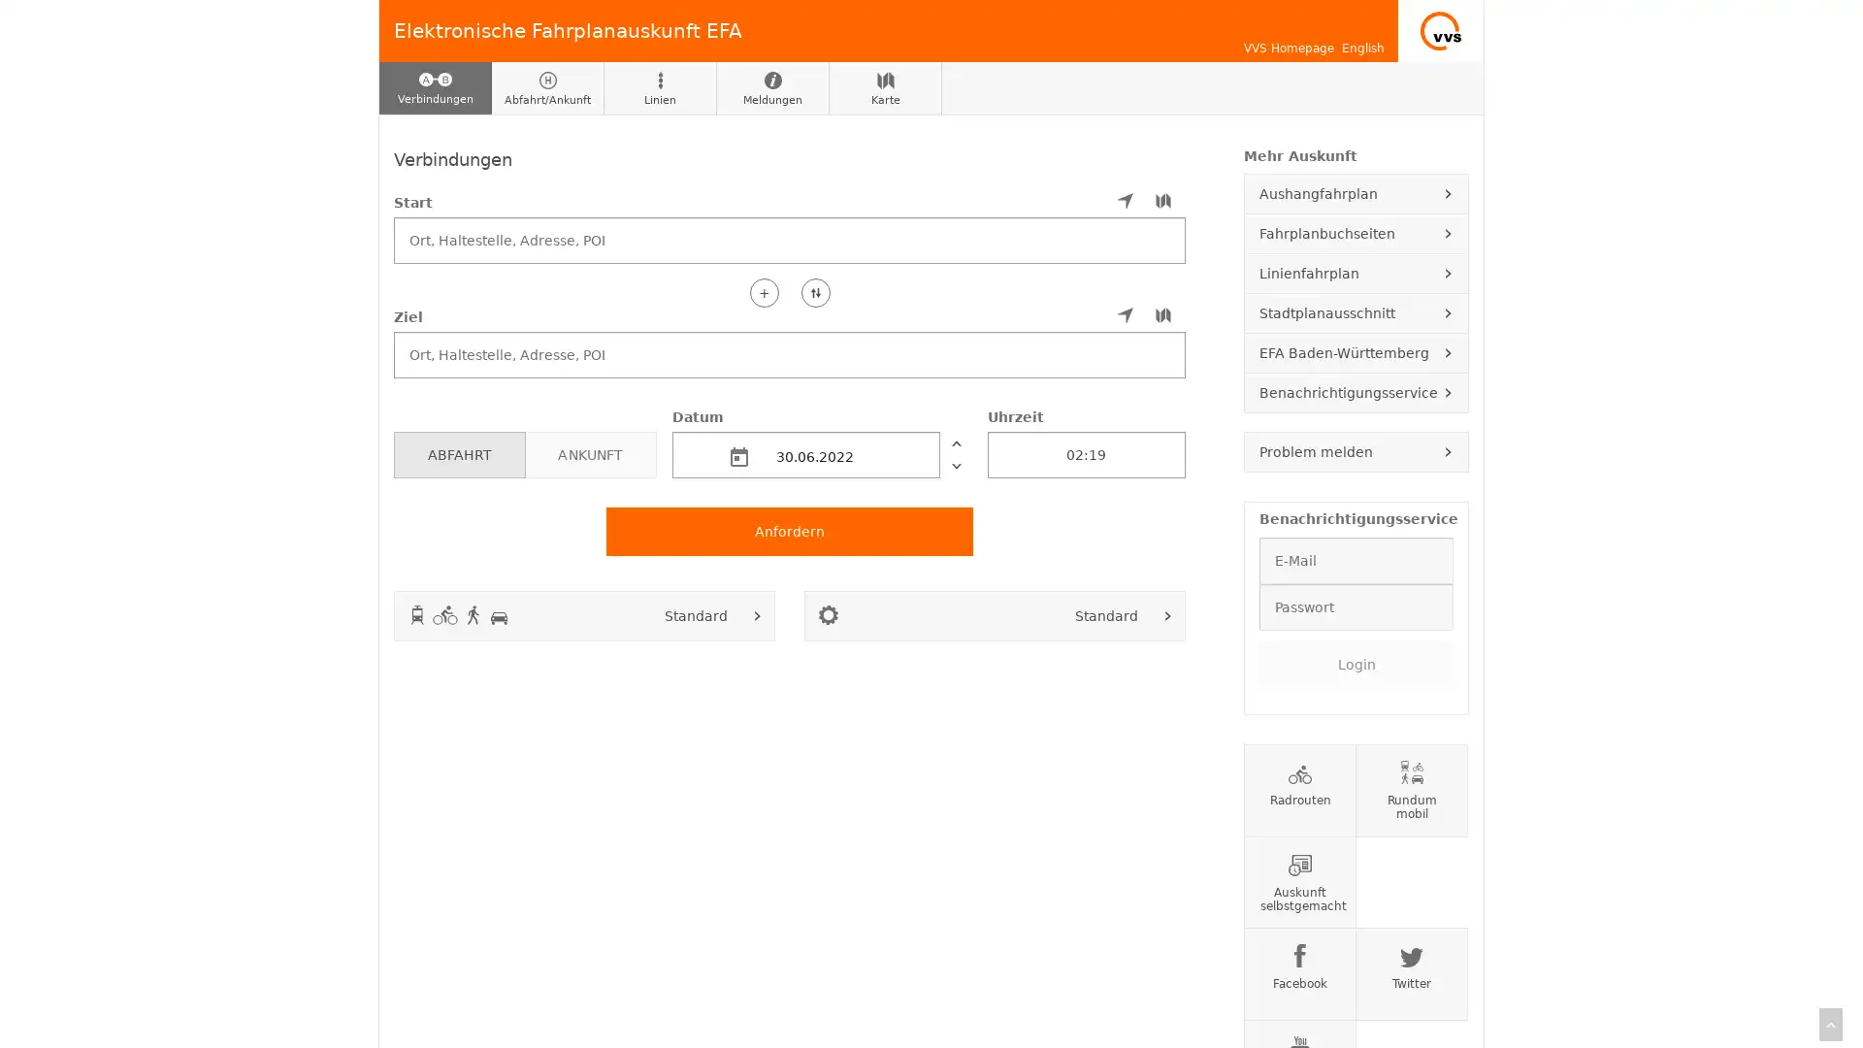 Image resolution: width=1863 pixels, height=1048 pixels. I want to click on ANKUNFT, so click(589, 453).